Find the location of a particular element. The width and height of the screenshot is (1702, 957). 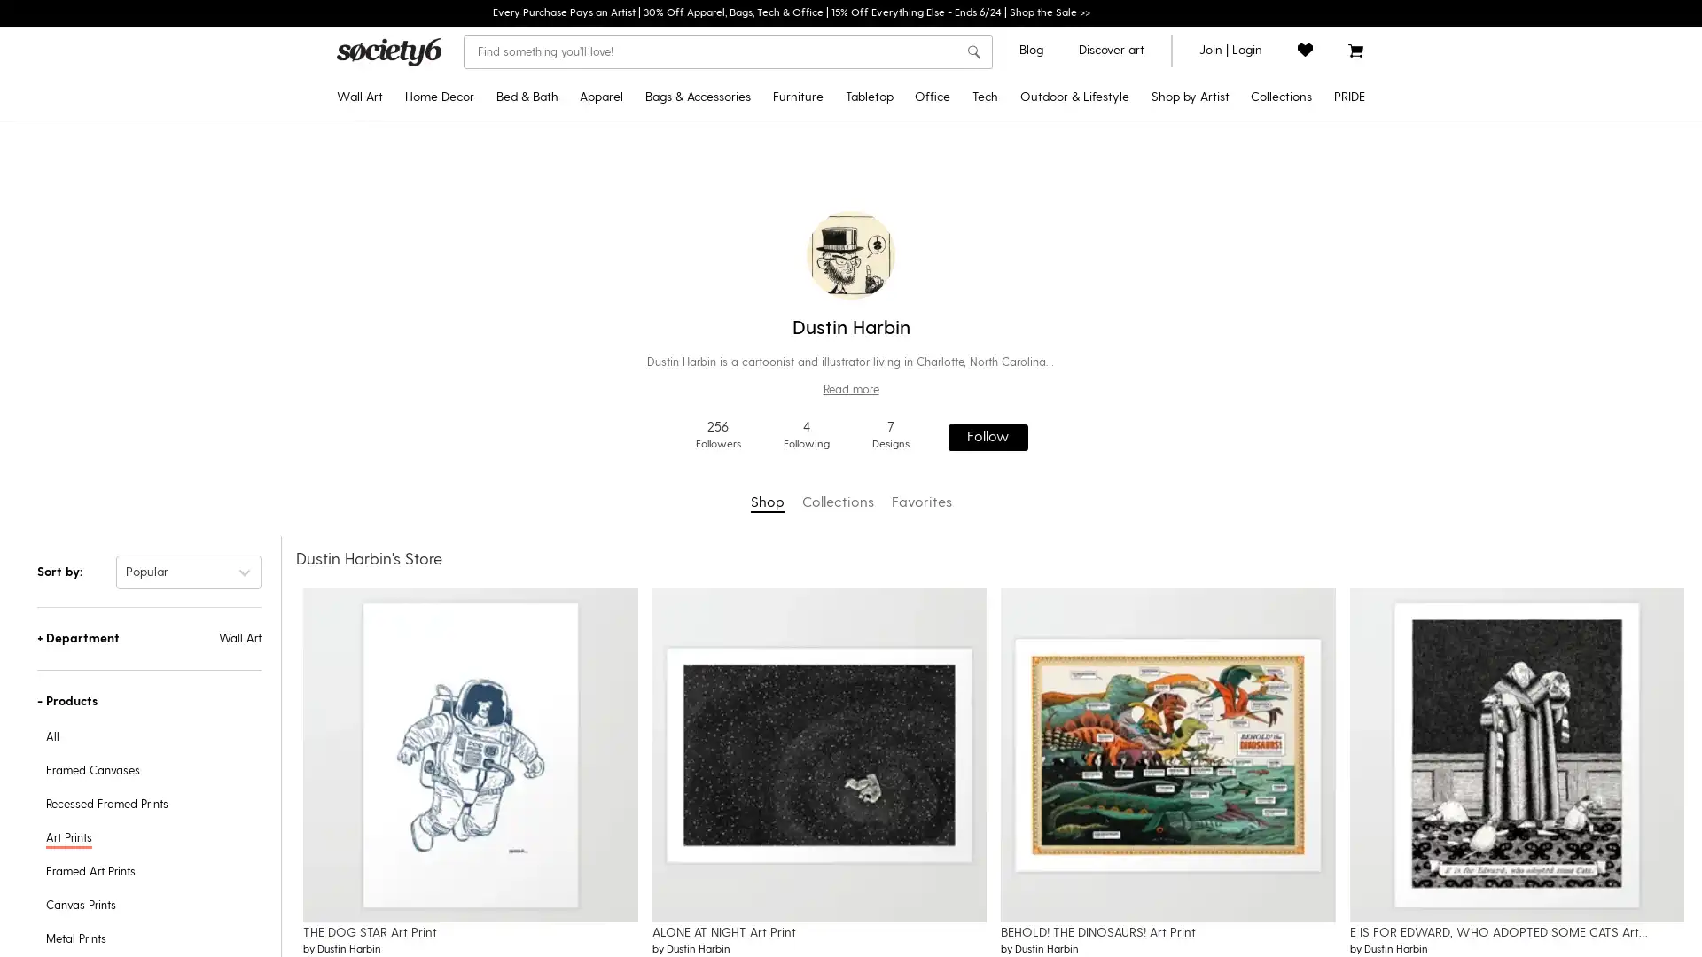

Sun Shades is located at coordinates (1097, 541).